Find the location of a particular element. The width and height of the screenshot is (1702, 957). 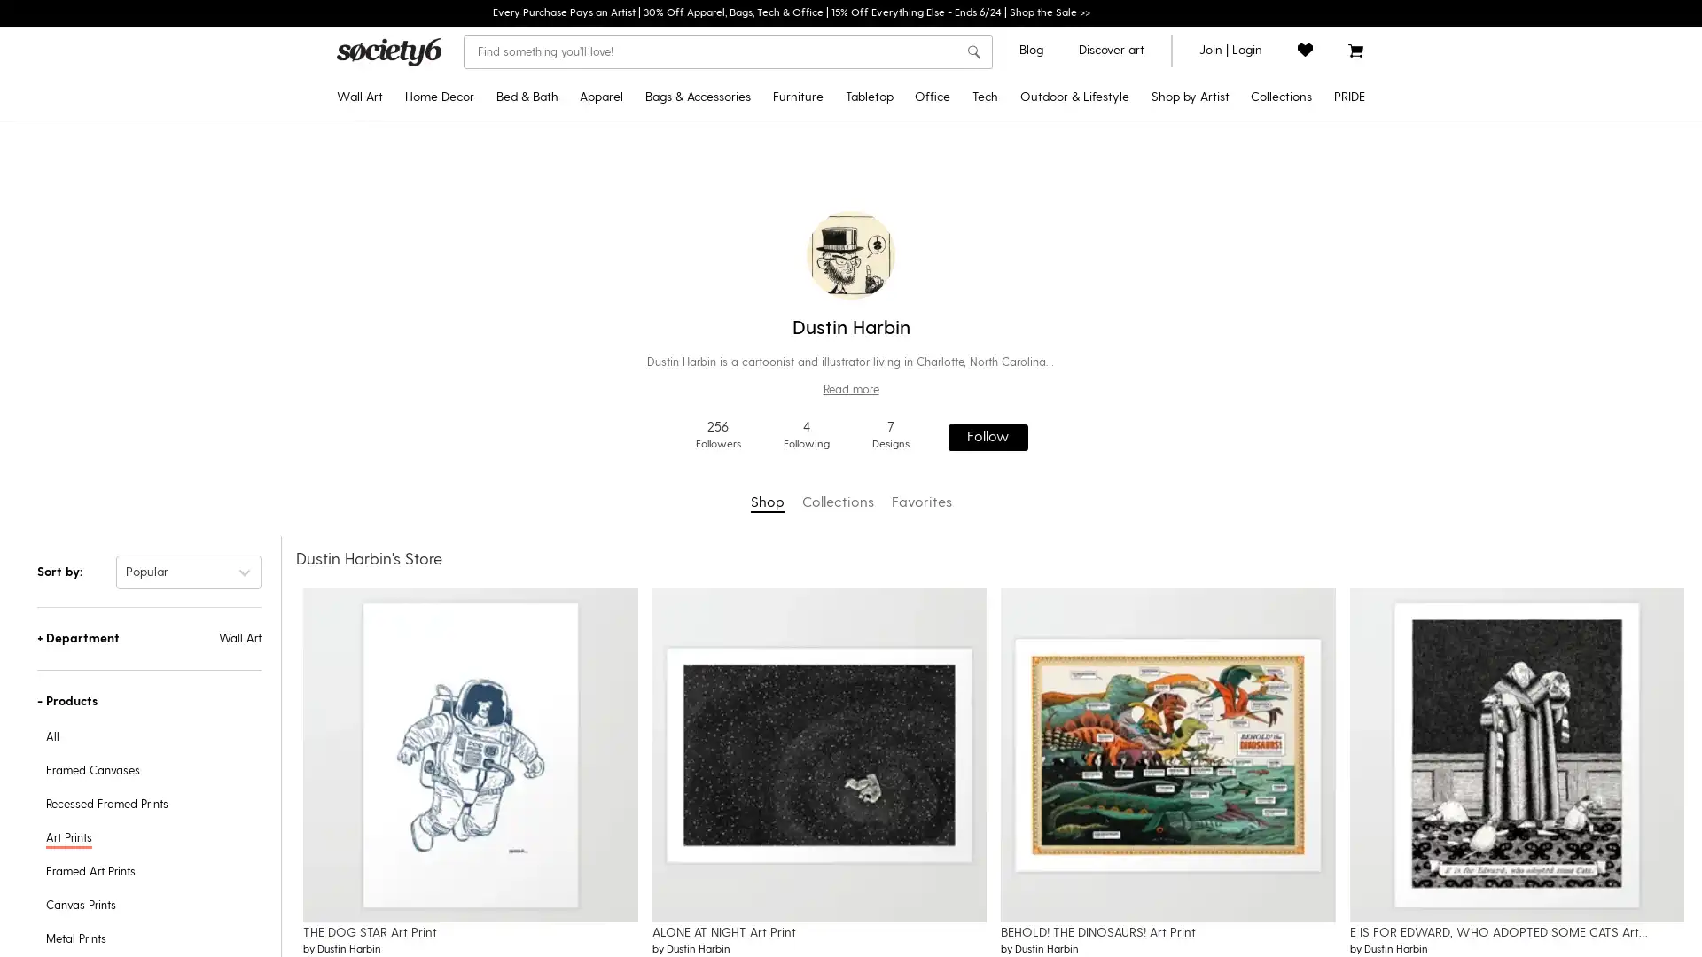

Sun Shades is located at coordinates (1097, 541).